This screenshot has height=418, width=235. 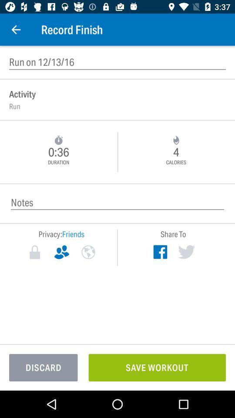 What do you see at coordinates (186, 252) in the screenshot?
I see `share to twitter` at bounding box center [186, 252].